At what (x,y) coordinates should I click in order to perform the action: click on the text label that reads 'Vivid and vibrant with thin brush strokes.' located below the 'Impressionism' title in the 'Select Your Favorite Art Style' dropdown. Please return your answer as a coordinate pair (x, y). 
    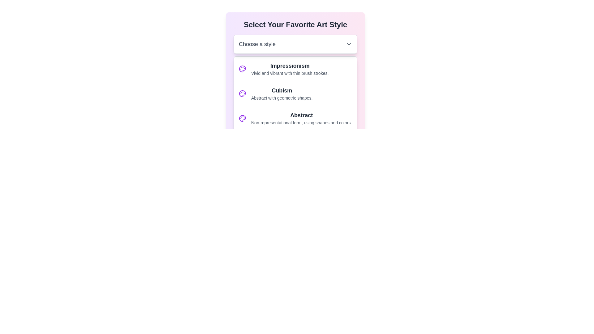
    Looking at the image, I should click on (290, 73).